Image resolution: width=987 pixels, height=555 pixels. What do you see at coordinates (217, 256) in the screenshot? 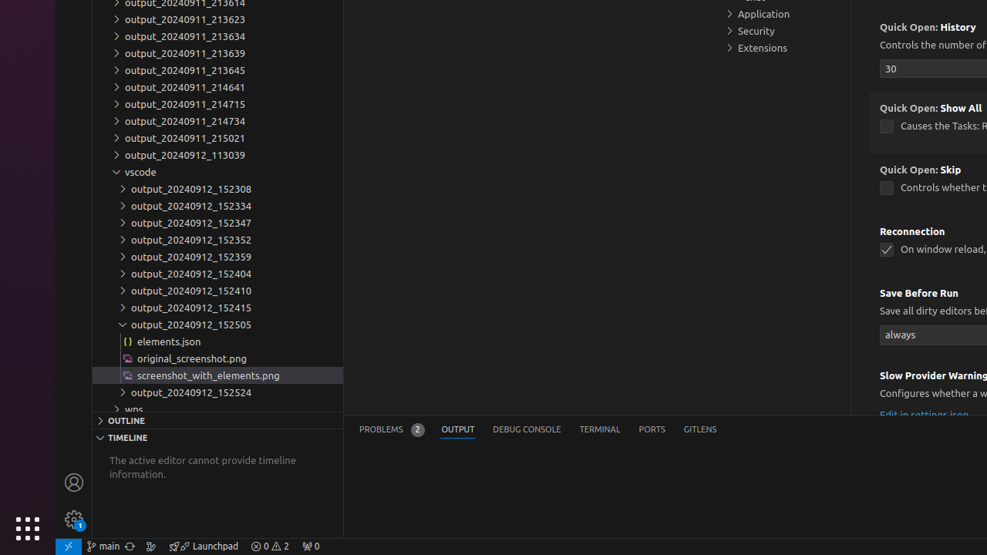
I see `'output_20240912_152359'` at bounding box center [217, 256].